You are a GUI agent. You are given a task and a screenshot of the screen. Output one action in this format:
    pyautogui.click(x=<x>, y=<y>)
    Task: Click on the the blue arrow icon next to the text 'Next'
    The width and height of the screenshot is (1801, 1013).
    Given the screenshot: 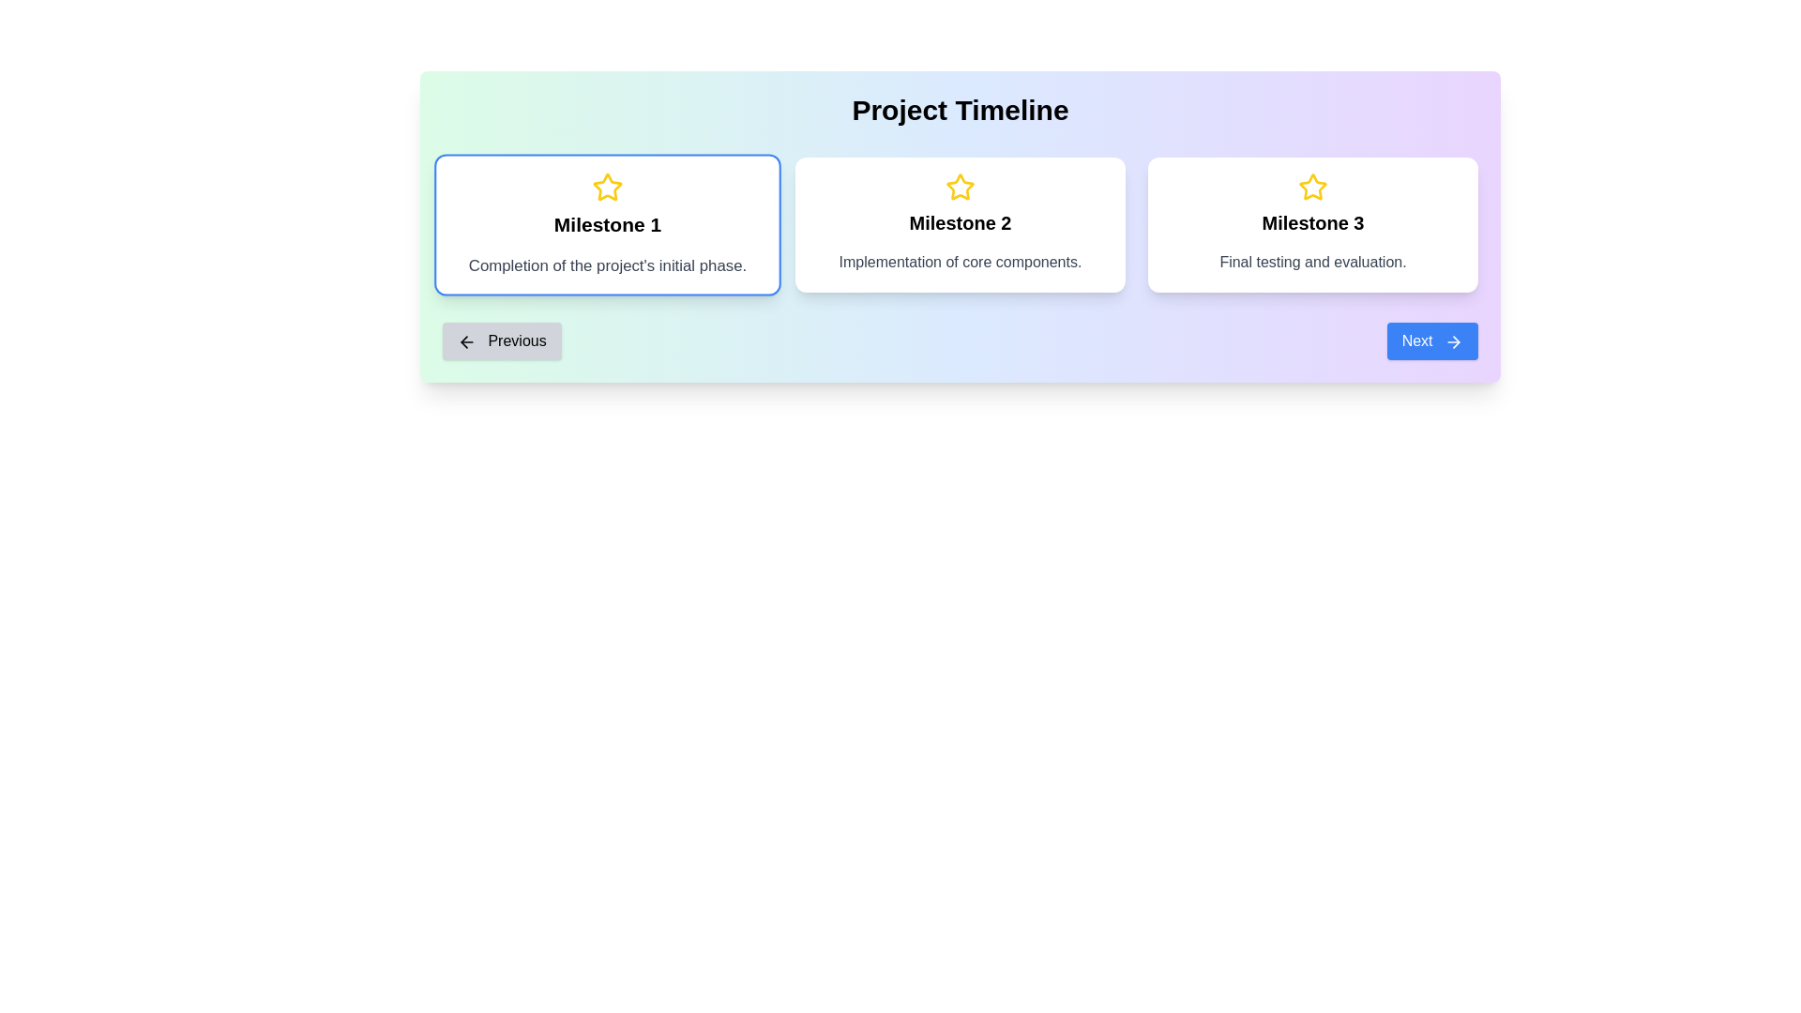 What is the action you would take?
    pyautogui.click(x=1453, y=340)
    